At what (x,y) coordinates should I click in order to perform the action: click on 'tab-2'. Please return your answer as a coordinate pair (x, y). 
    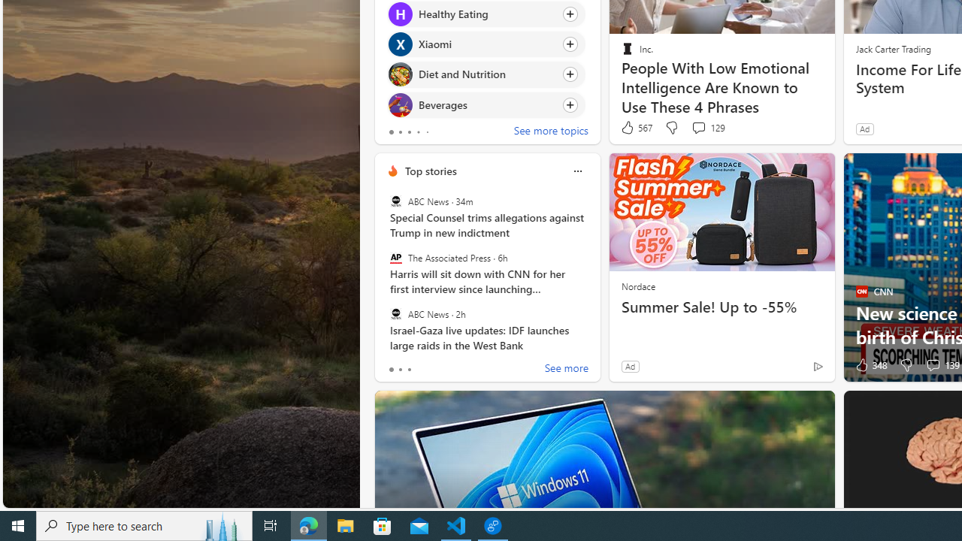
    Looking at the image, I should click on (409, 370).